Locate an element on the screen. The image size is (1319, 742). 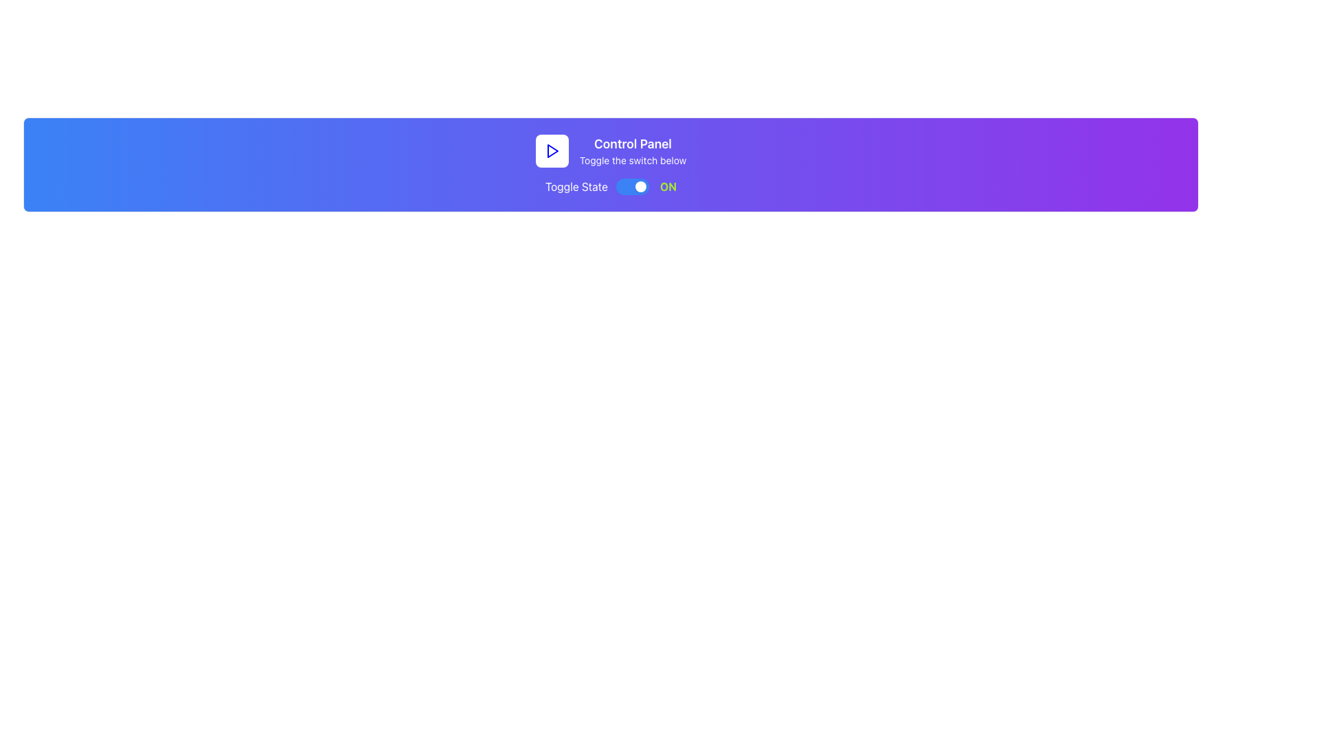
the header and instruction text component labeled 'Control Panel' which provides guidance with the text 'Toggle the switch below' is located at coordinates (632, 150).